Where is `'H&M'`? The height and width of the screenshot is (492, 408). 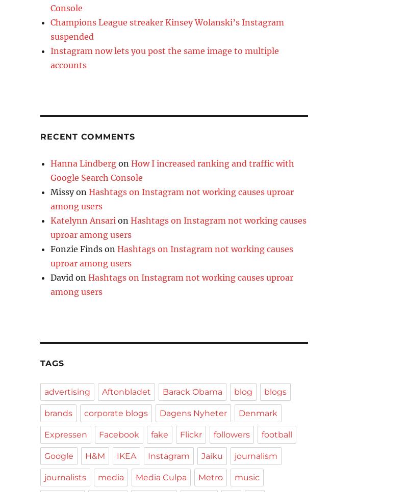 'H&M' is located at coordinates (94, 456).